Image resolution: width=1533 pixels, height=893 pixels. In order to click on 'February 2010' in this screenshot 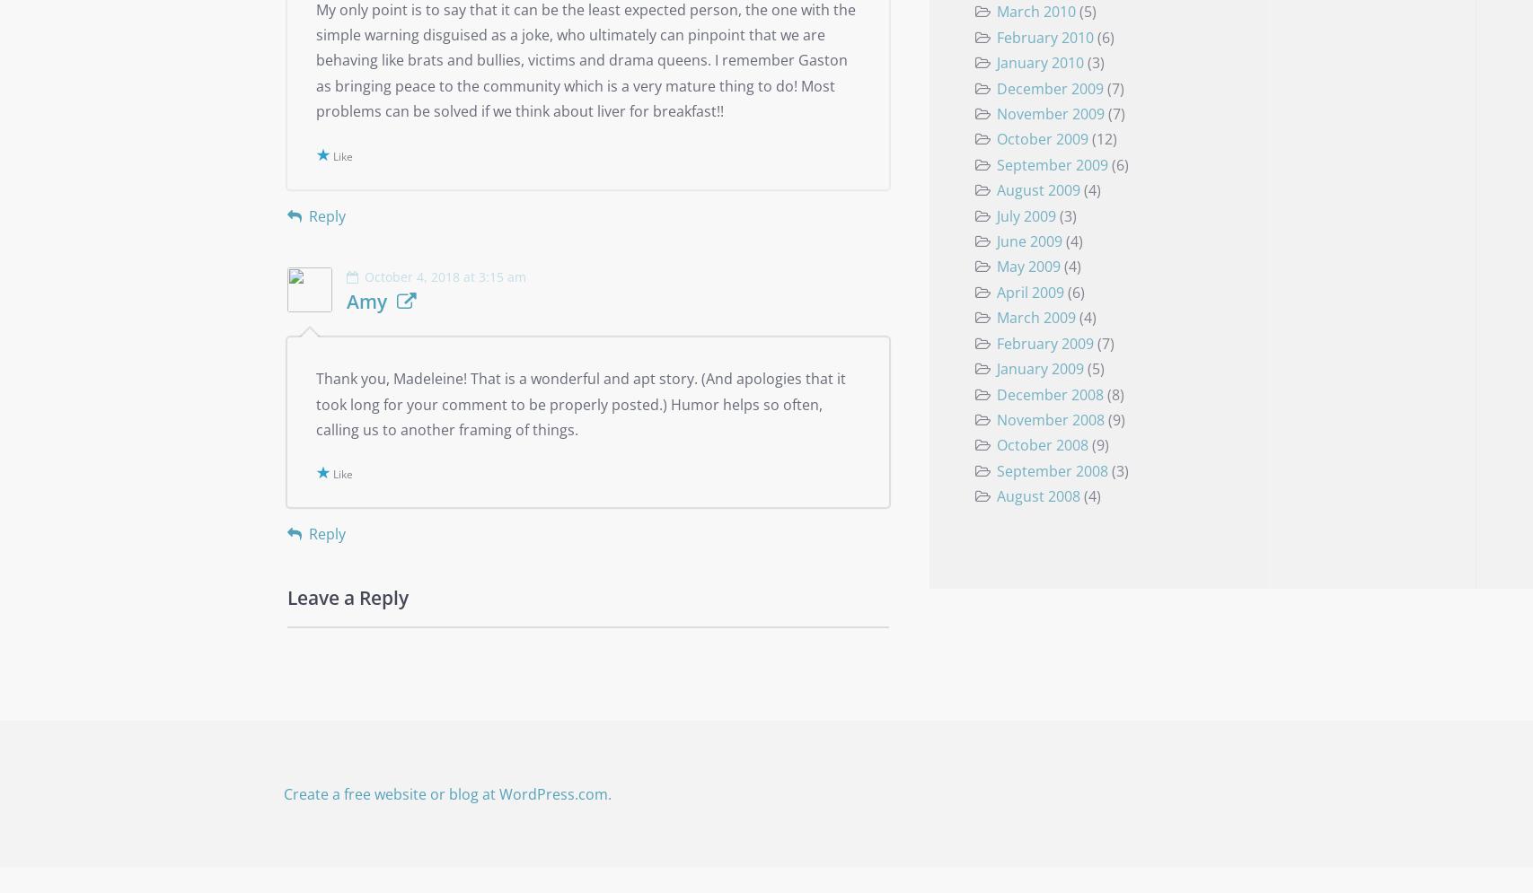, I will do `click(1043, 35)`.